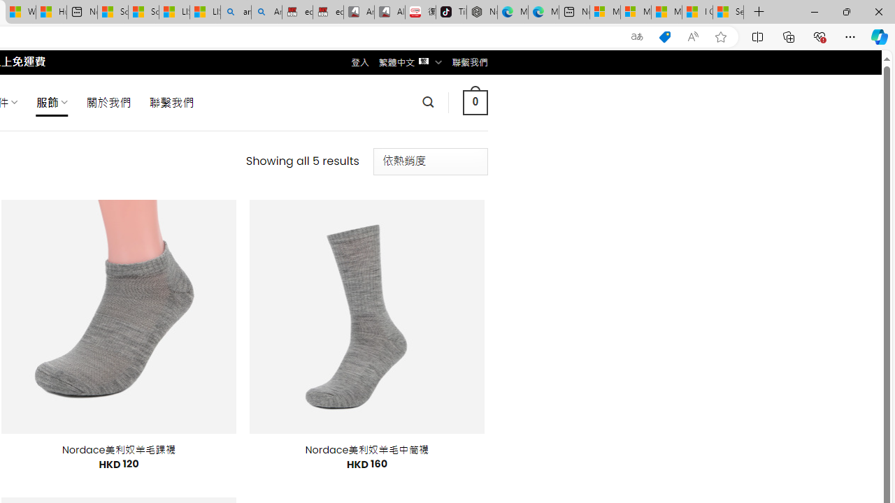 The image size is (895, 503). Describe the element at coordinates (475, 101) in the screenshot. I see `'  0  '` at that location.